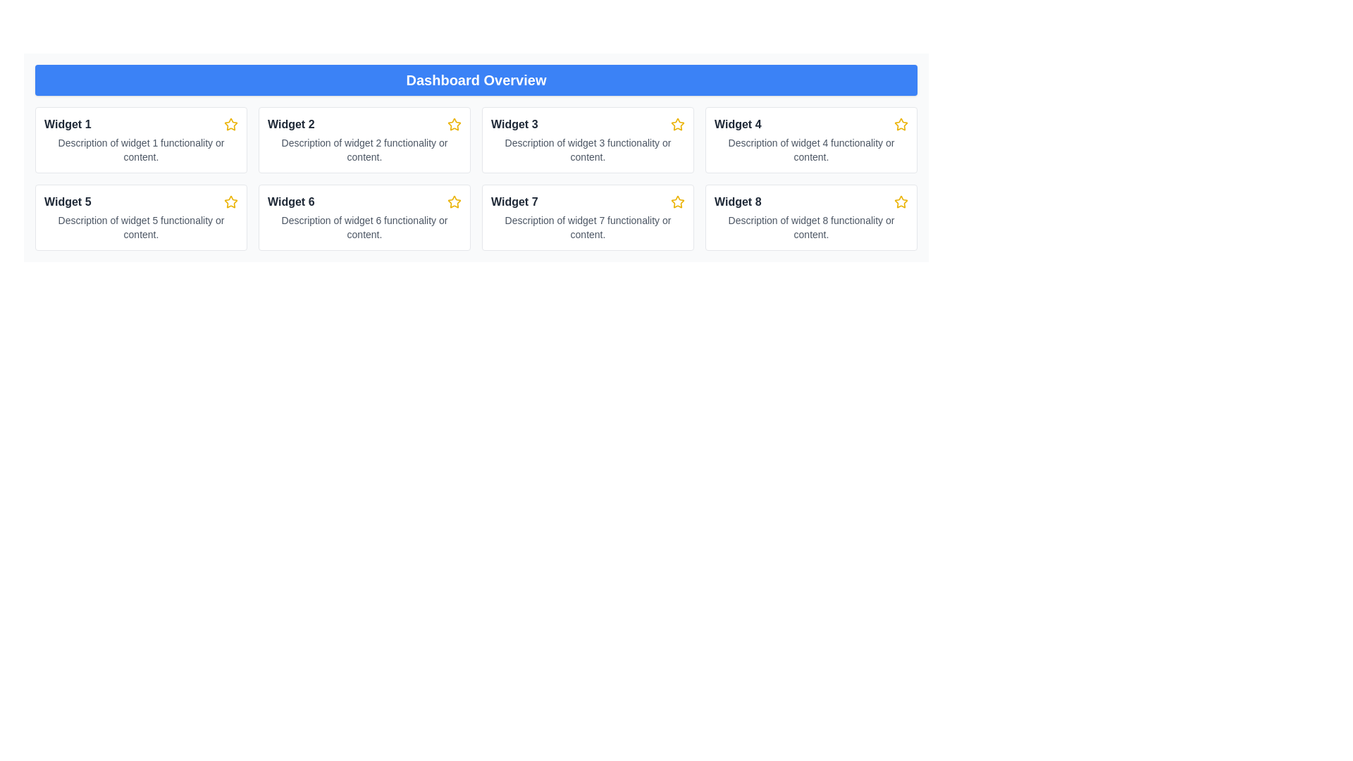  What do you see at coordinates (454, 124) in the screenshot?
I see `the yellow star-shaped icon located to the right of 'Widget 2' in the 'Dashboard Overview' section` at bounding box center [454, 124].